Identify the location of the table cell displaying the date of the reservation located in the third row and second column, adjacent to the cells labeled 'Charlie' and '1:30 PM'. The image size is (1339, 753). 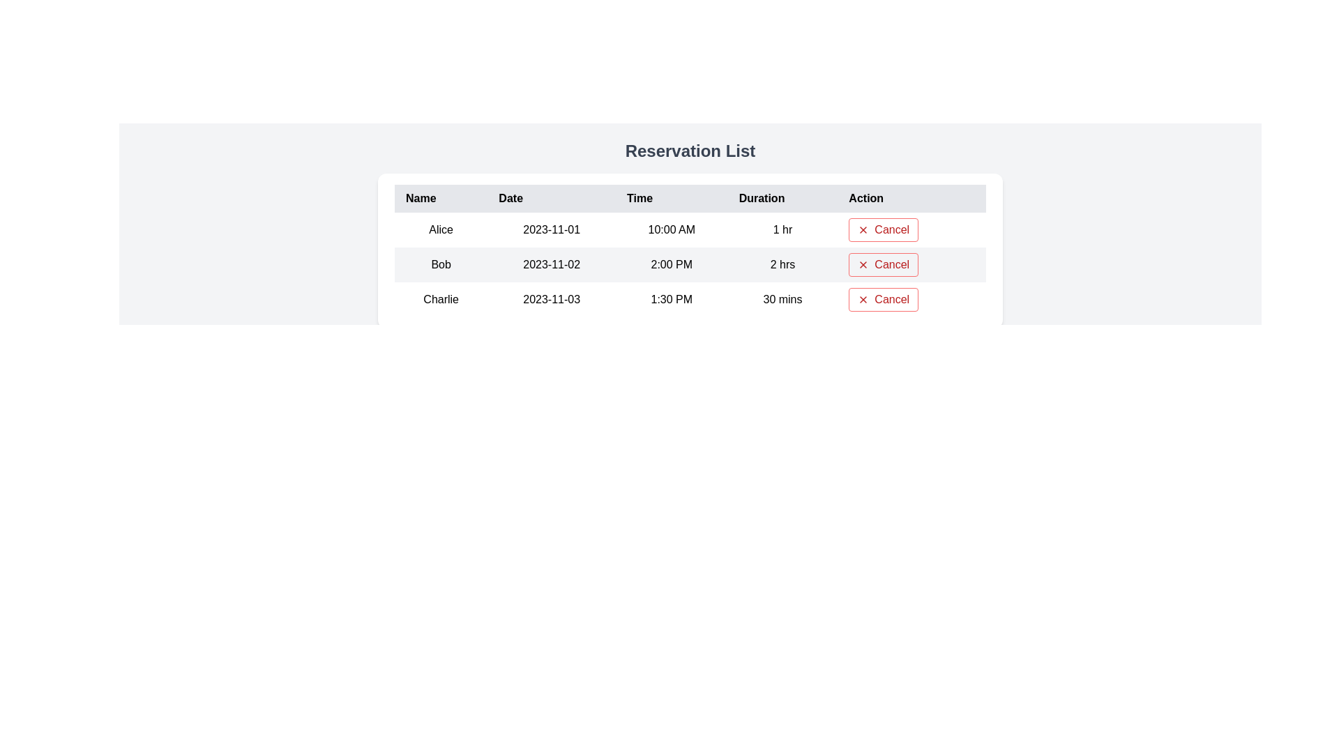
(551, 298).